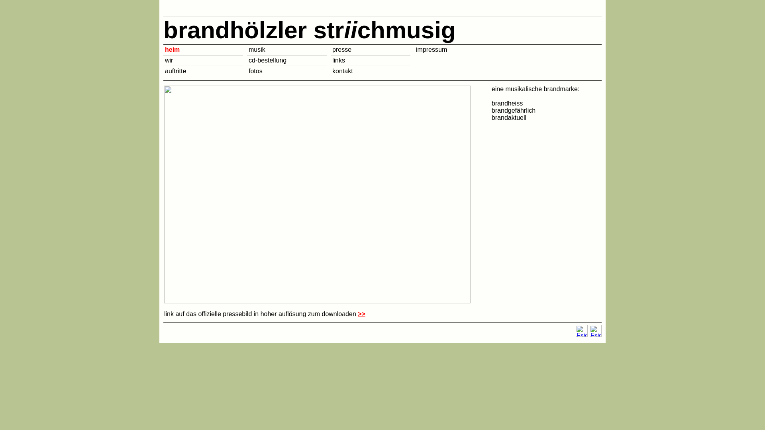 The image size is (765, 430). I want to click on 'presse', so click(342, 49).